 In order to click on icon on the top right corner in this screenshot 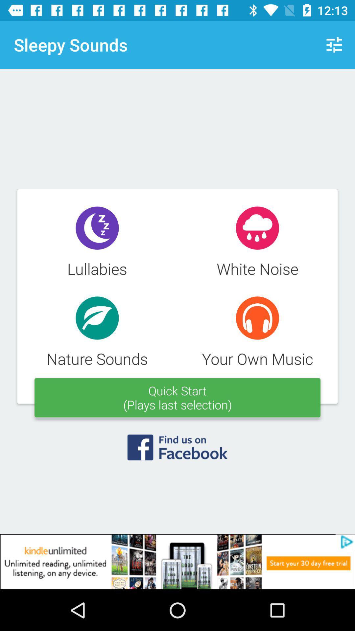, I will do `click(334, 45)`.